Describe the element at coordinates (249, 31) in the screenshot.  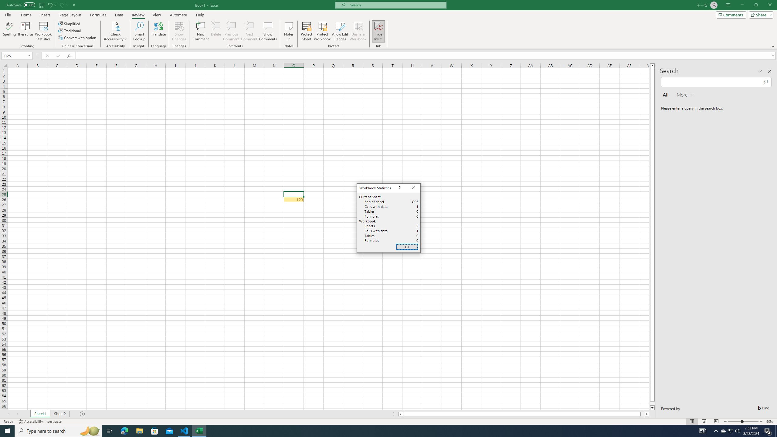
I see `'Next Comment'` at that location.